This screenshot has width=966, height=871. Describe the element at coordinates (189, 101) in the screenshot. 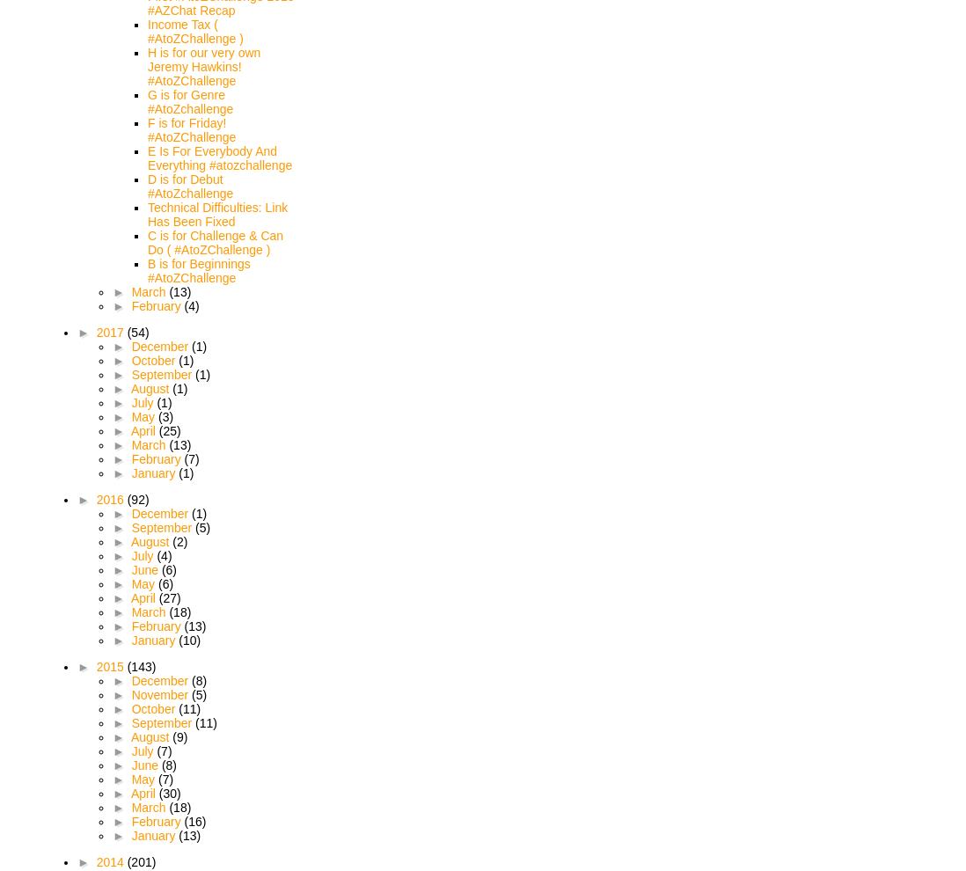

I see `'G is for Genre #AtoZchallenge'` at that location.